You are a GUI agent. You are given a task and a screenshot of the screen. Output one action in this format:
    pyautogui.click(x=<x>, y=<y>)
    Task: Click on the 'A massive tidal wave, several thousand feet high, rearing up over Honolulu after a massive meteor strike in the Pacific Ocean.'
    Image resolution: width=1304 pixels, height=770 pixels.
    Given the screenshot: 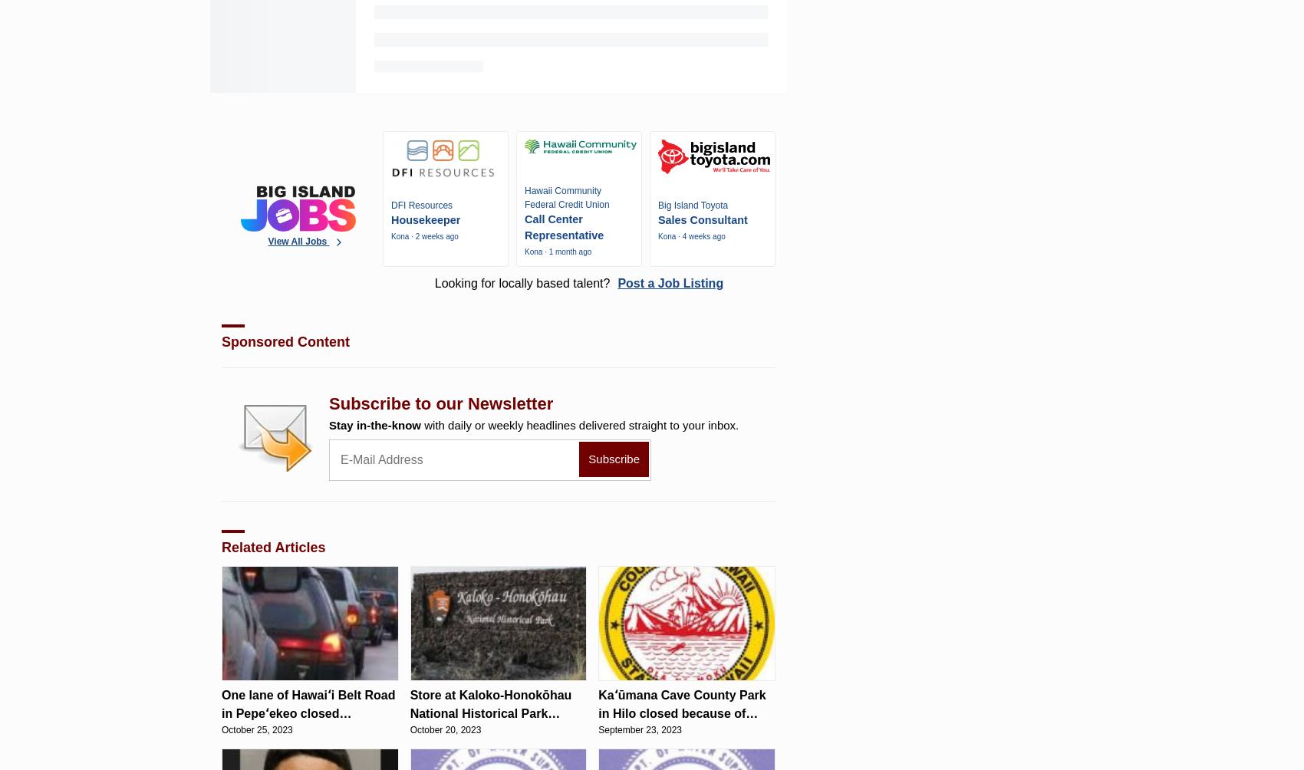 What is the action you would take?
    pyautogui.click(x=482, y=48)
    